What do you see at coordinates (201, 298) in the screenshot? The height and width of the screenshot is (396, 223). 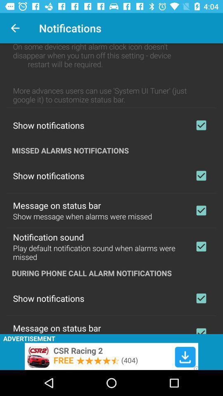 I see `enable show notifications` at bounding box center [201, 298].